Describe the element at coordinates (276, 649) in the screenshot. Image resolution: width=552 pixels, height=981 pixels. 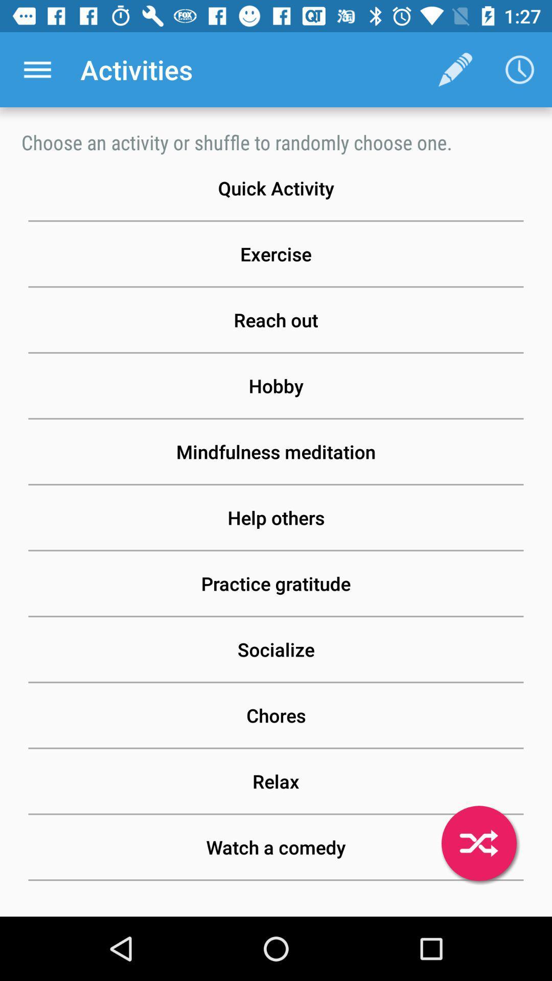
I see `socialize icon` at that location.